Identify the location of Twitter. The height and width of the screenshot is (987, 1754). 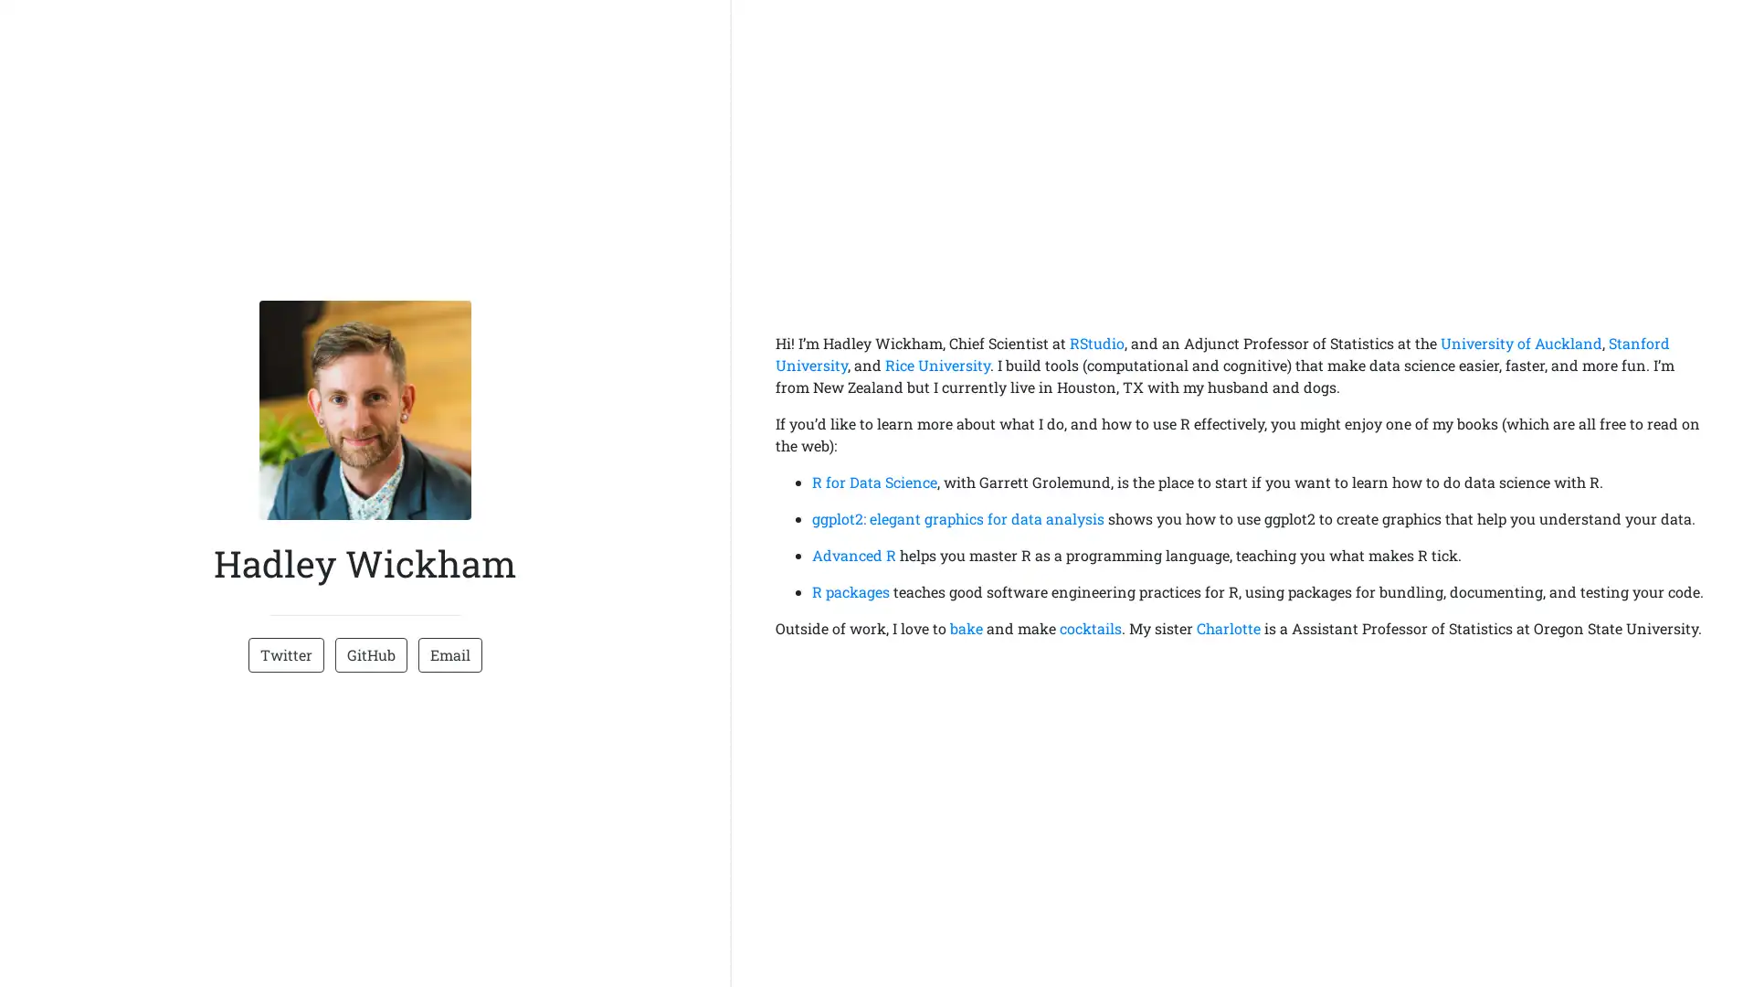
(285, 653).